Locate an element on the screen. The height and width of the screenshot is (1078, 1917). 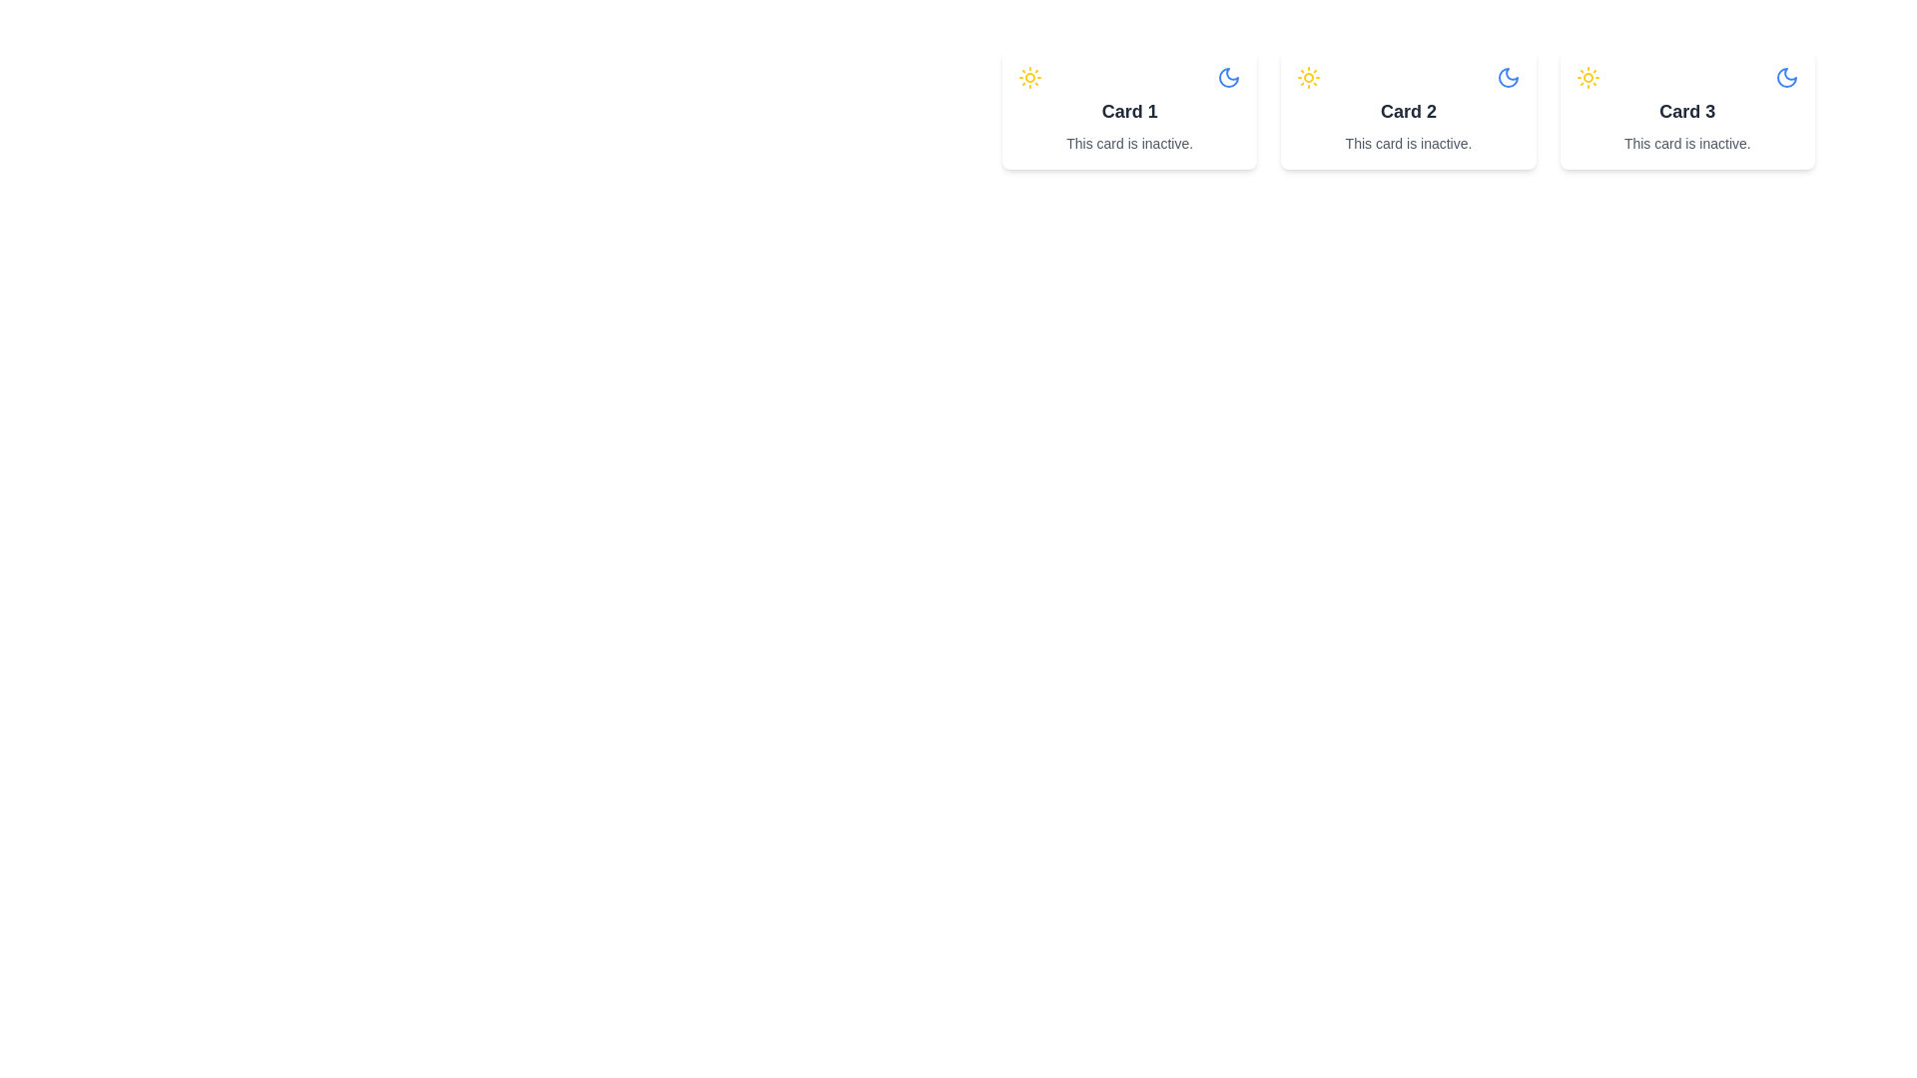
the crescent moon icon in solid blue color located at the top right of the second card labeled 'Card 2' is located at coordinates (1508, 76).